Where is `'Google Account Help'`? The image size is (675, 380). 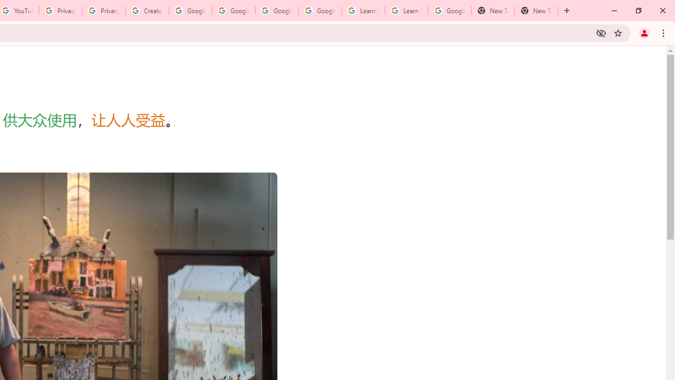
'Google Account Help' is located at coordinates (190, 11).